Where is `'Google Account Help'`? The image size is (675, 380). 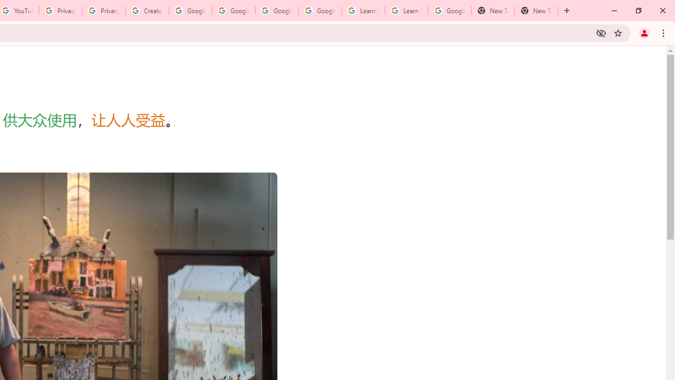
'Google Account Help' is located at coordinates (190, 11).